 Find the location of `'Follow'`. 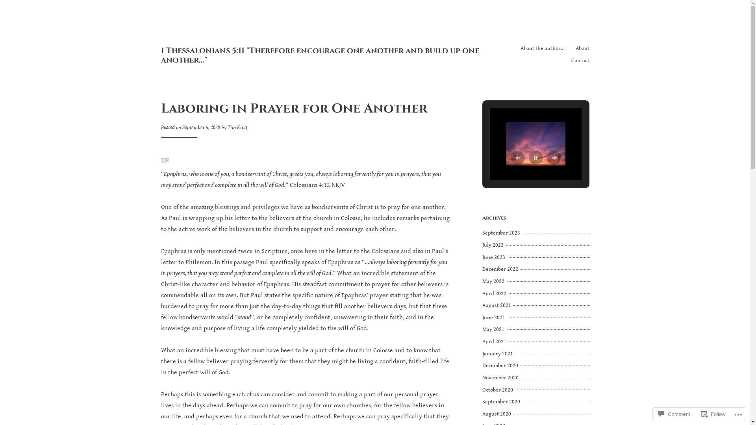

'Follow' is located at coordinates (713, 414).